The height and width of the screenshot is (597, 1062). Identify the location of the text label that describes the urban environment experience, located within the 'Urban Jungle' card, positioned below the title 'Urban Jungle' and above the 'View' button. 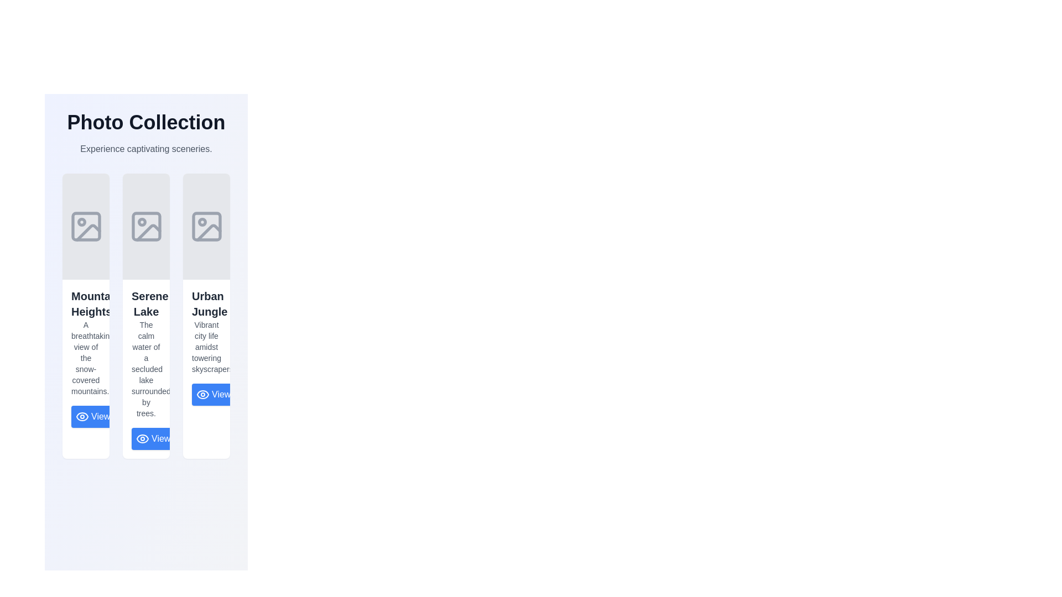
(206, 347).